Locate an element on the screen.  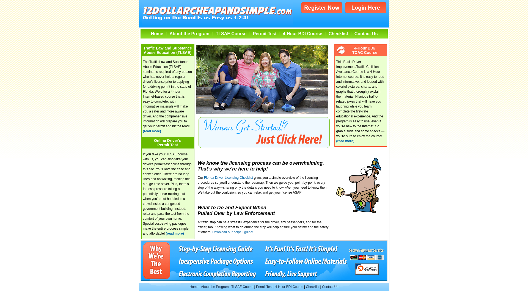
'(read more)' is located at coordinates (345, 141).